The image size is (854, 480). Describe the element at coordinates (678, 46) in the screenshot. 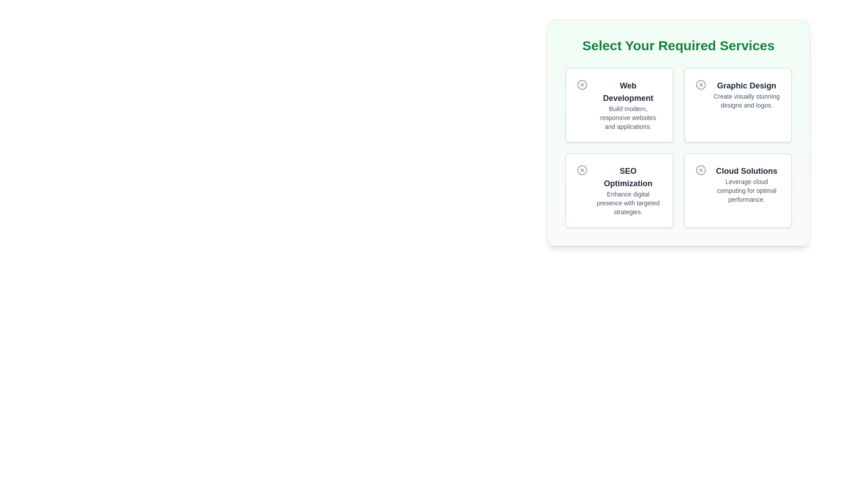

I see `the static text header that displays 'Select Your Required Services', which is bold, large, and green, located at the top section of its containing box` at that location.